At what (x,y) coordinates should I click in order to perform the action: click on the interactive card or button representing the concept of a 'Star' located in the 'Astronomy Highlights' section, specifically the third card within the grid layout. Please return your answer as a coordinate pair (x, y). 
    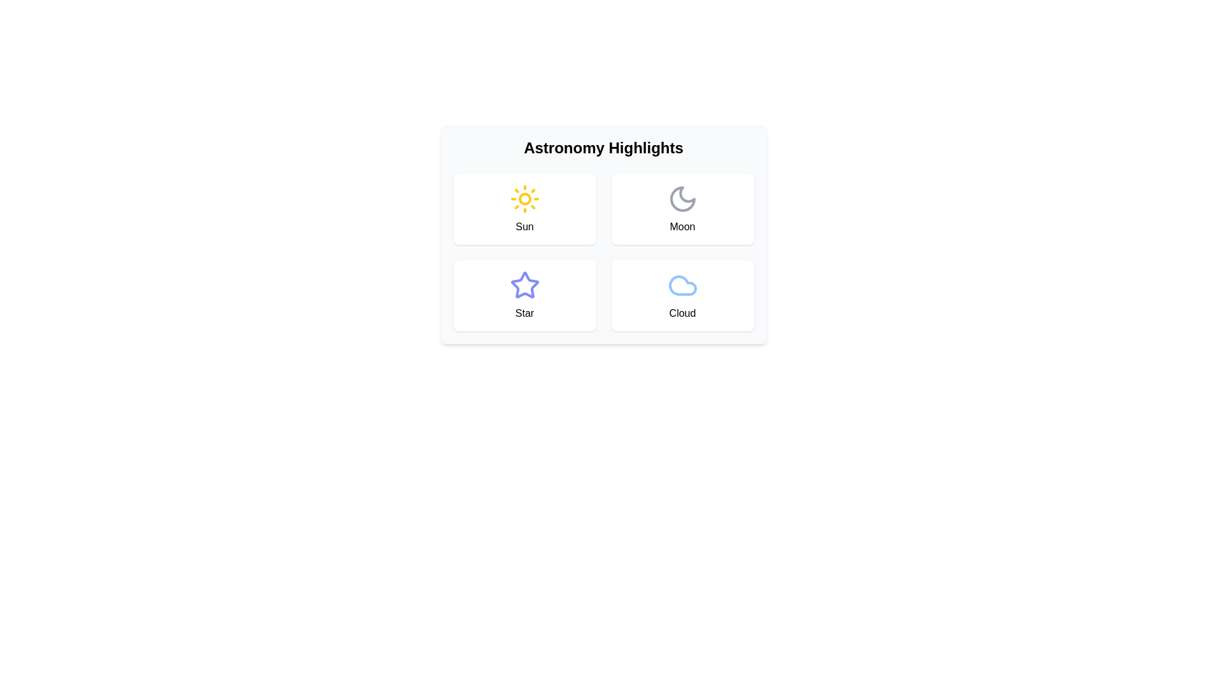
    Looking at the image, I should click on (524, 296).